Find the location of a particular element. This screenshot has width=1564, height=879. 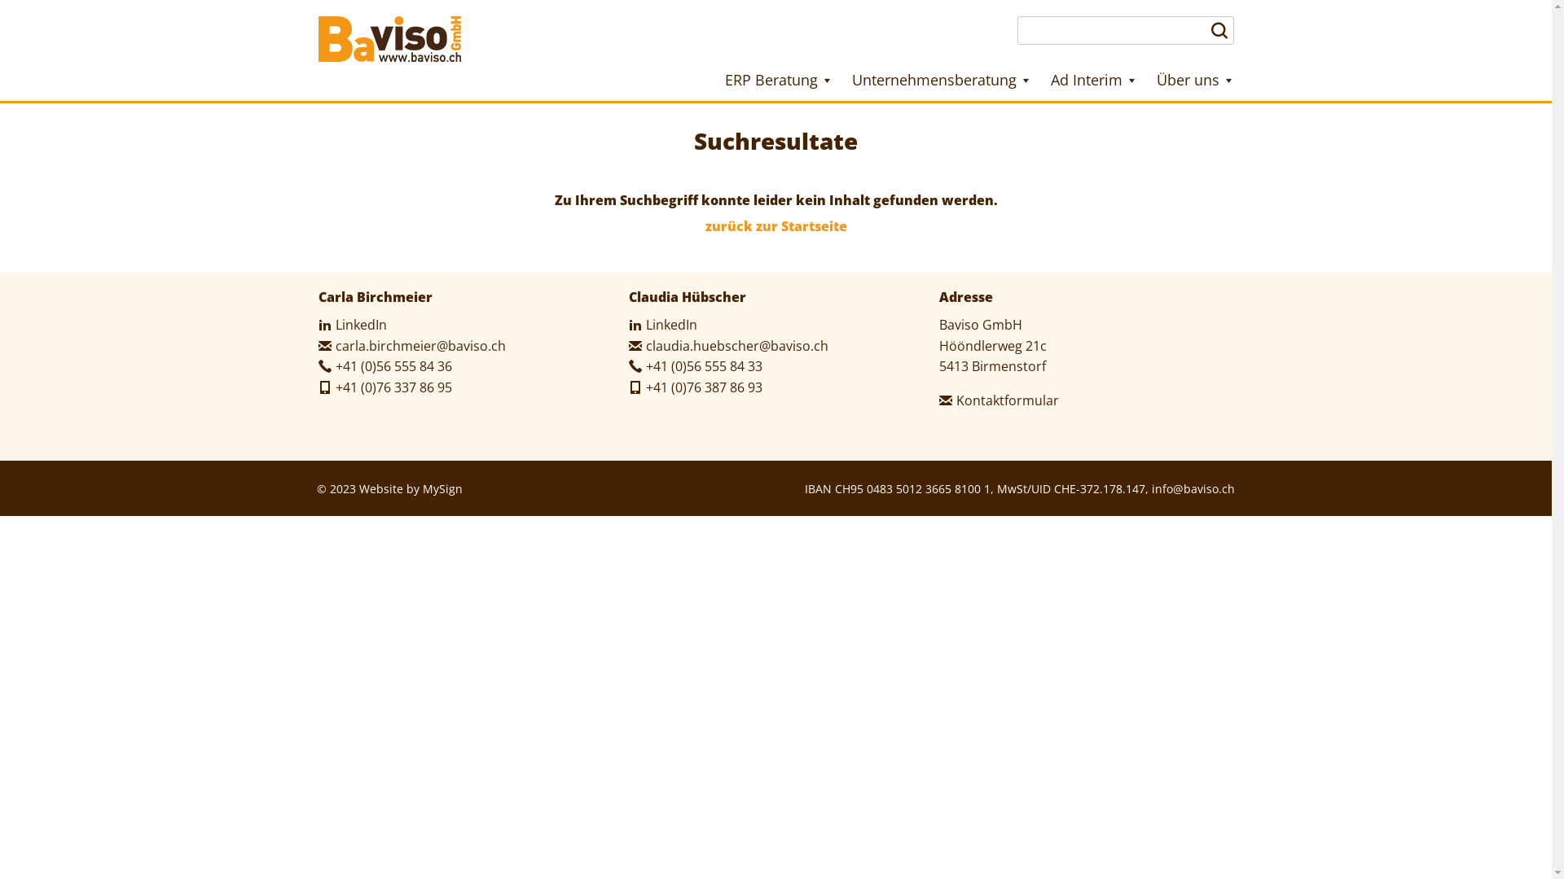

'Kontaktformular' is located at coordinates (998, 400).